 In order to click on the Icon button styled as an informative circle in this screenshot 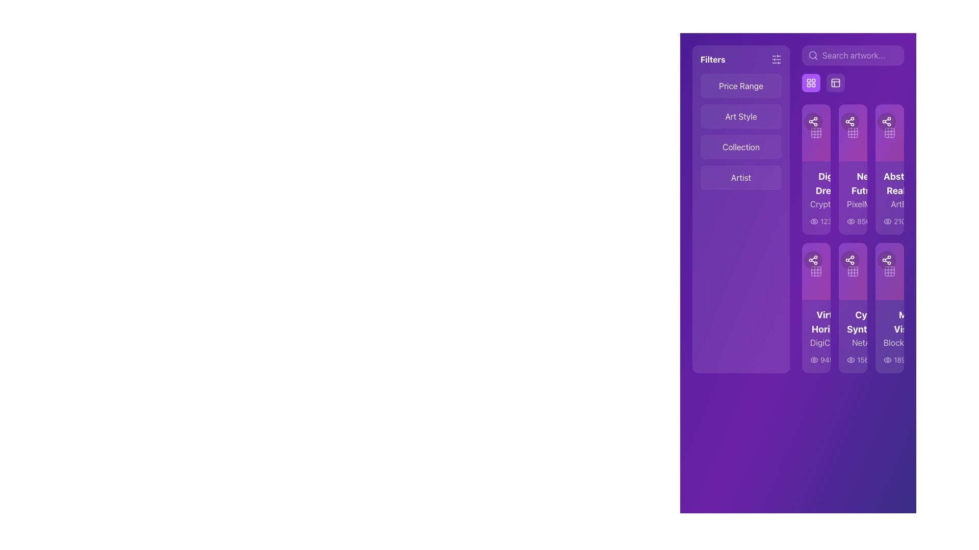, I will do `click(892, 221)`.